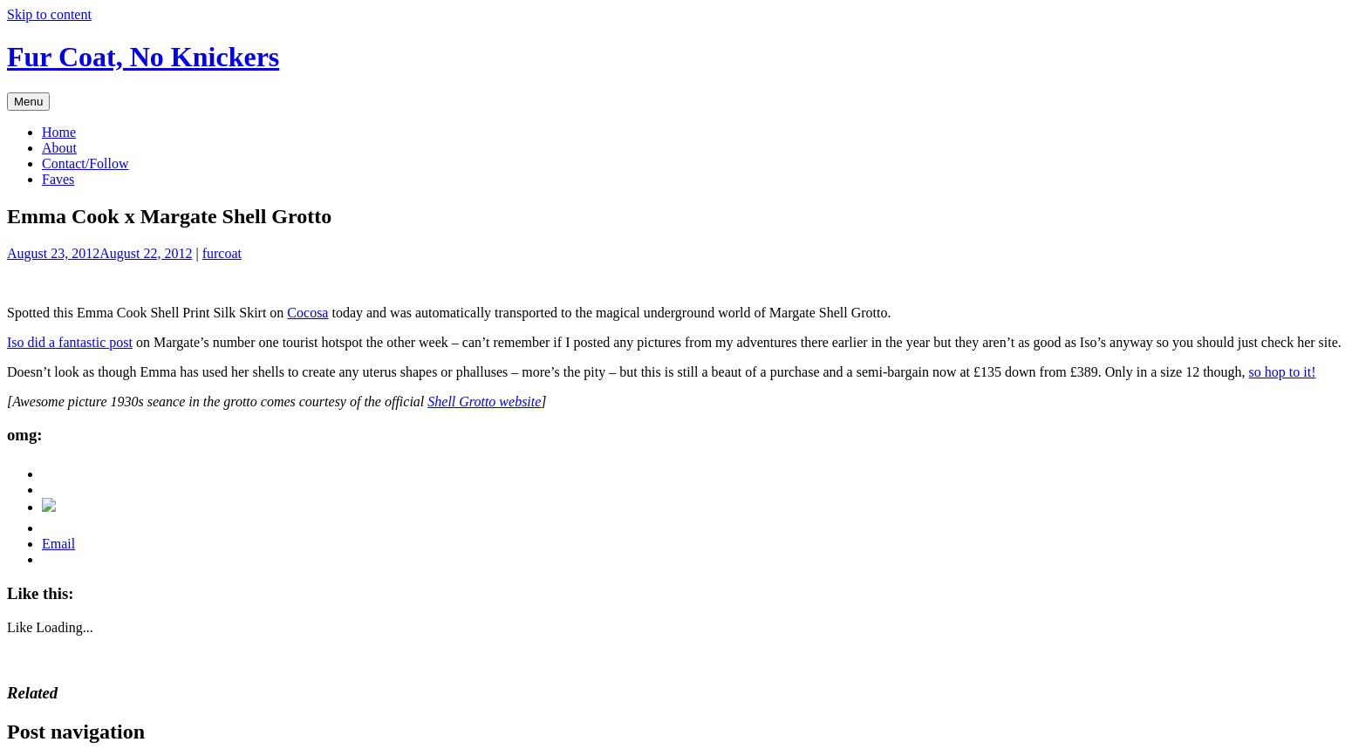 Image resolution: width=1352 pixels, height=749 pixels. What do you see at coordinates (24, 434) in the screenshot?
I see `'omg:'` at bounding box center [24, 434].